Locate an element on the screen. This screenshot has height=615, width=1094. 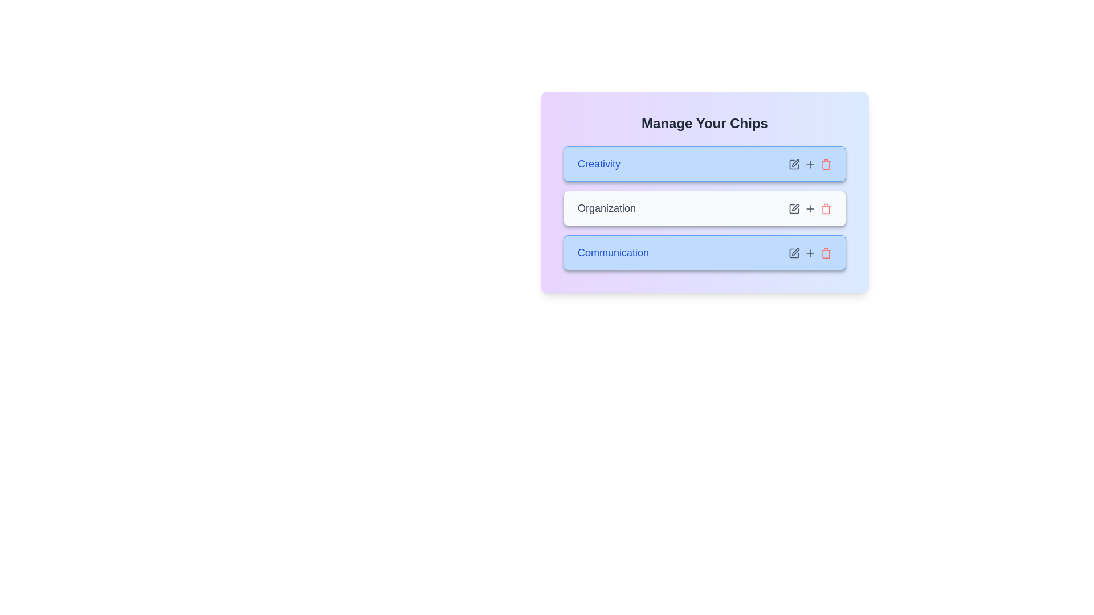
the chip labeled 'Creativity' is located at coordinates (704, 164).